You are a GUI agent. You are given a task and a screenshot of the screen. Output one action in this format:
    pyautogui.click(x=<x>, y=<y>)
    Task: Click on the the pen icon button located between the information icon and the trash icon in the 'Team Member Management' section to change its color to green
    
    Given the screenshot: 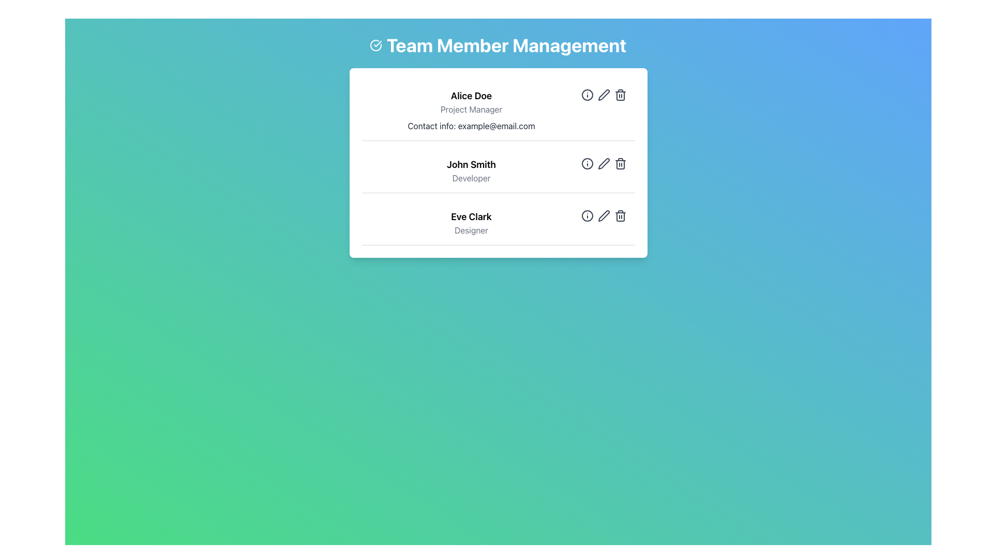 What is the action you would take?
    pyautogui.click(x=604, y=215)
    